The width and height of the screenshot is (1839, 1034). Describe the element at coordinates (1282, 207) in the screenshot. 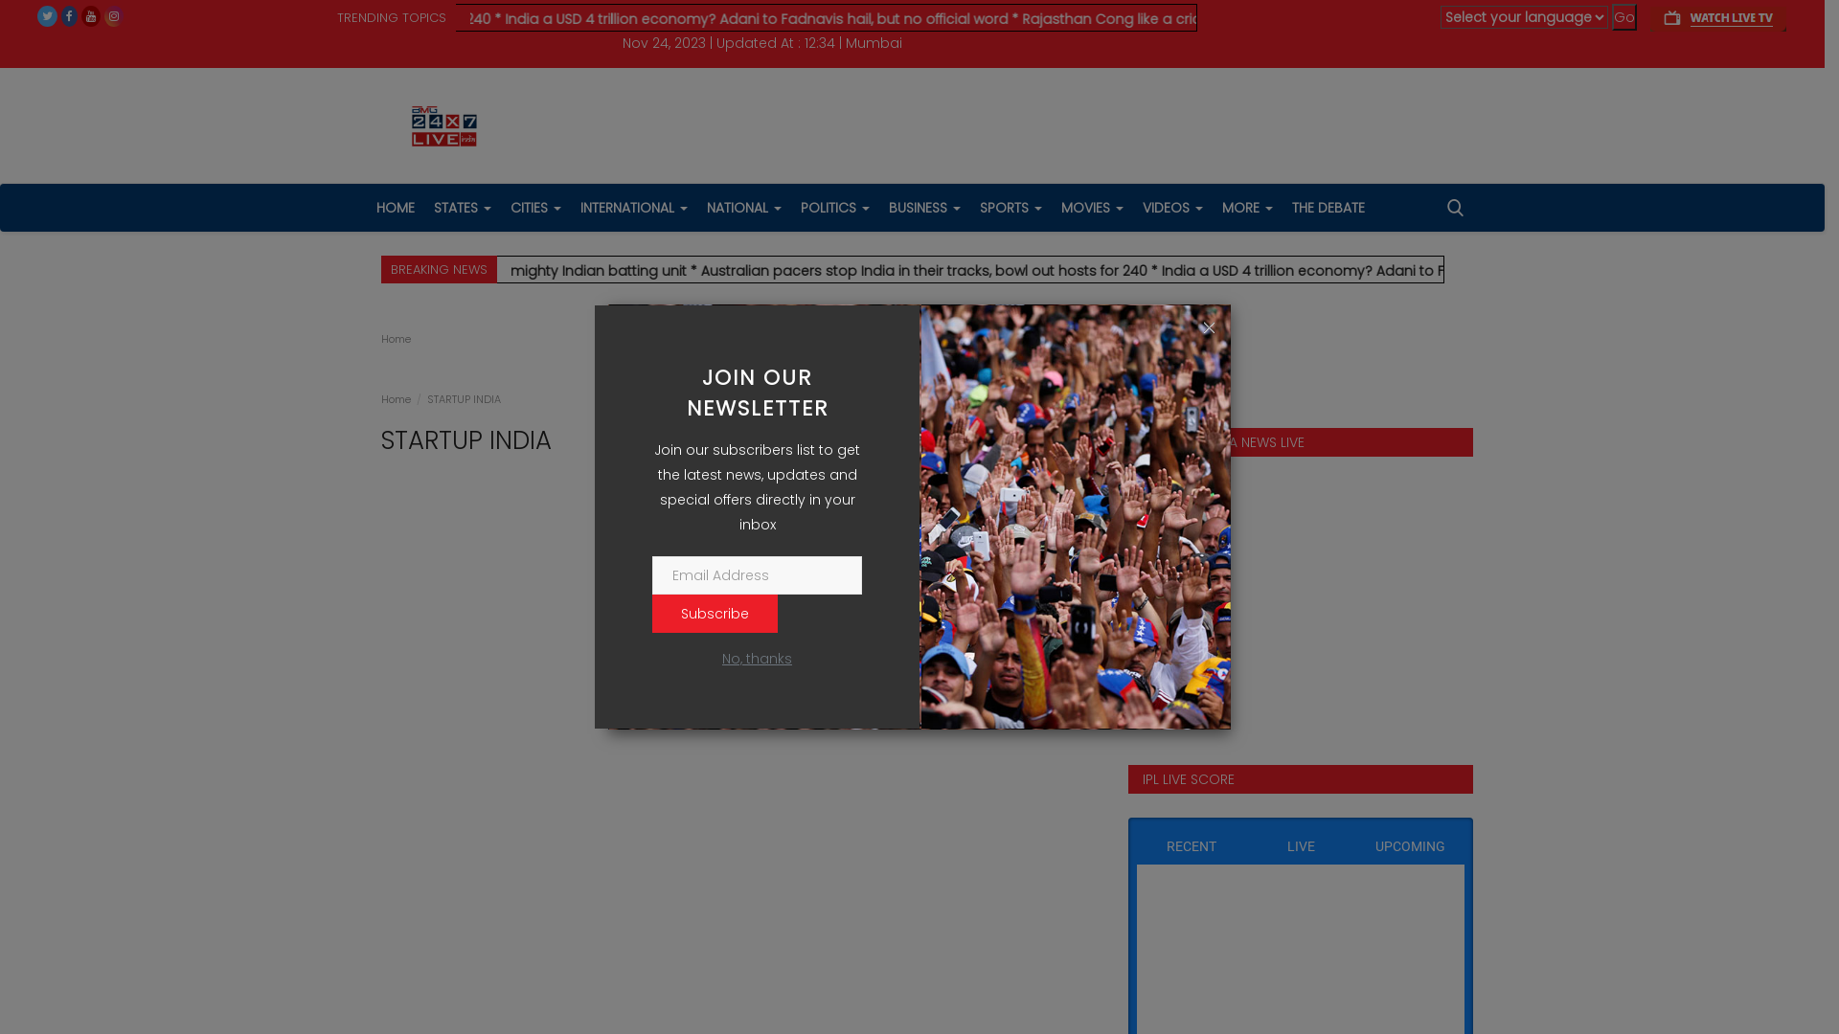

I see `'THE DEBATE'` at that location.